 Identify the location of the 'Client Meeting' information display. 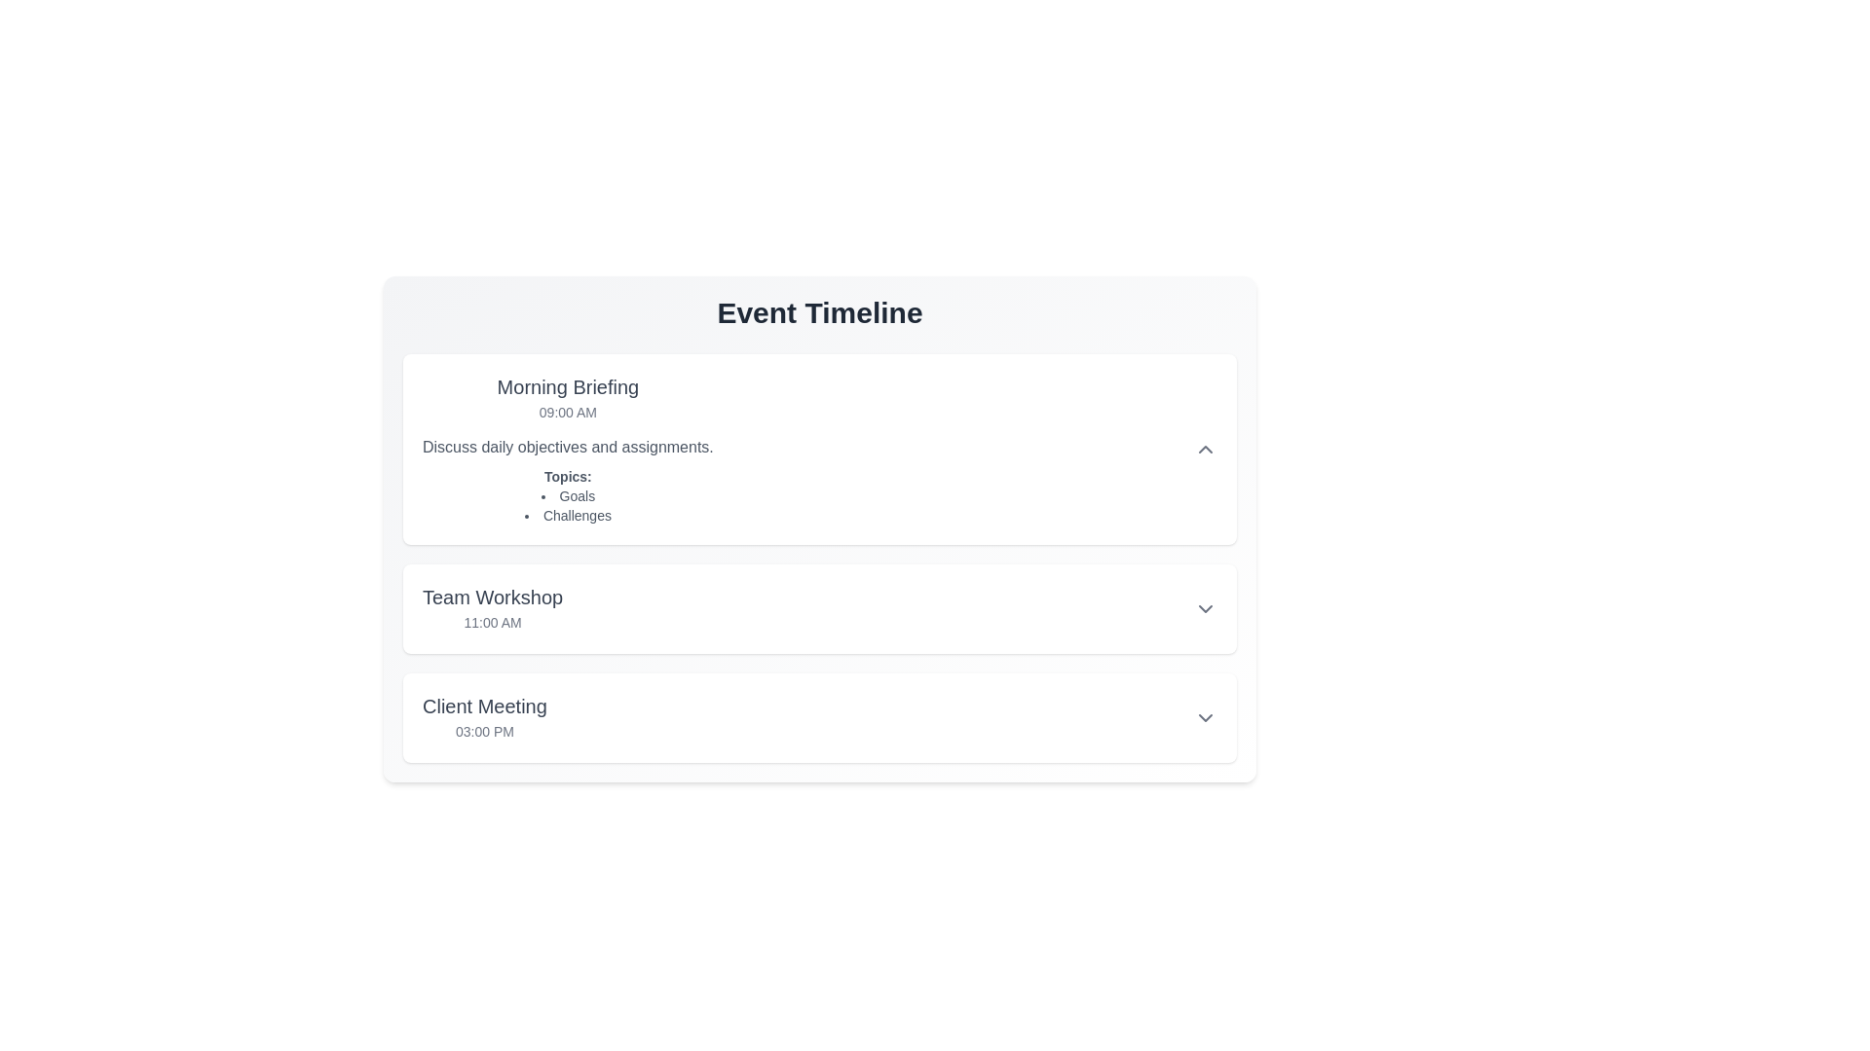
(819, 717).